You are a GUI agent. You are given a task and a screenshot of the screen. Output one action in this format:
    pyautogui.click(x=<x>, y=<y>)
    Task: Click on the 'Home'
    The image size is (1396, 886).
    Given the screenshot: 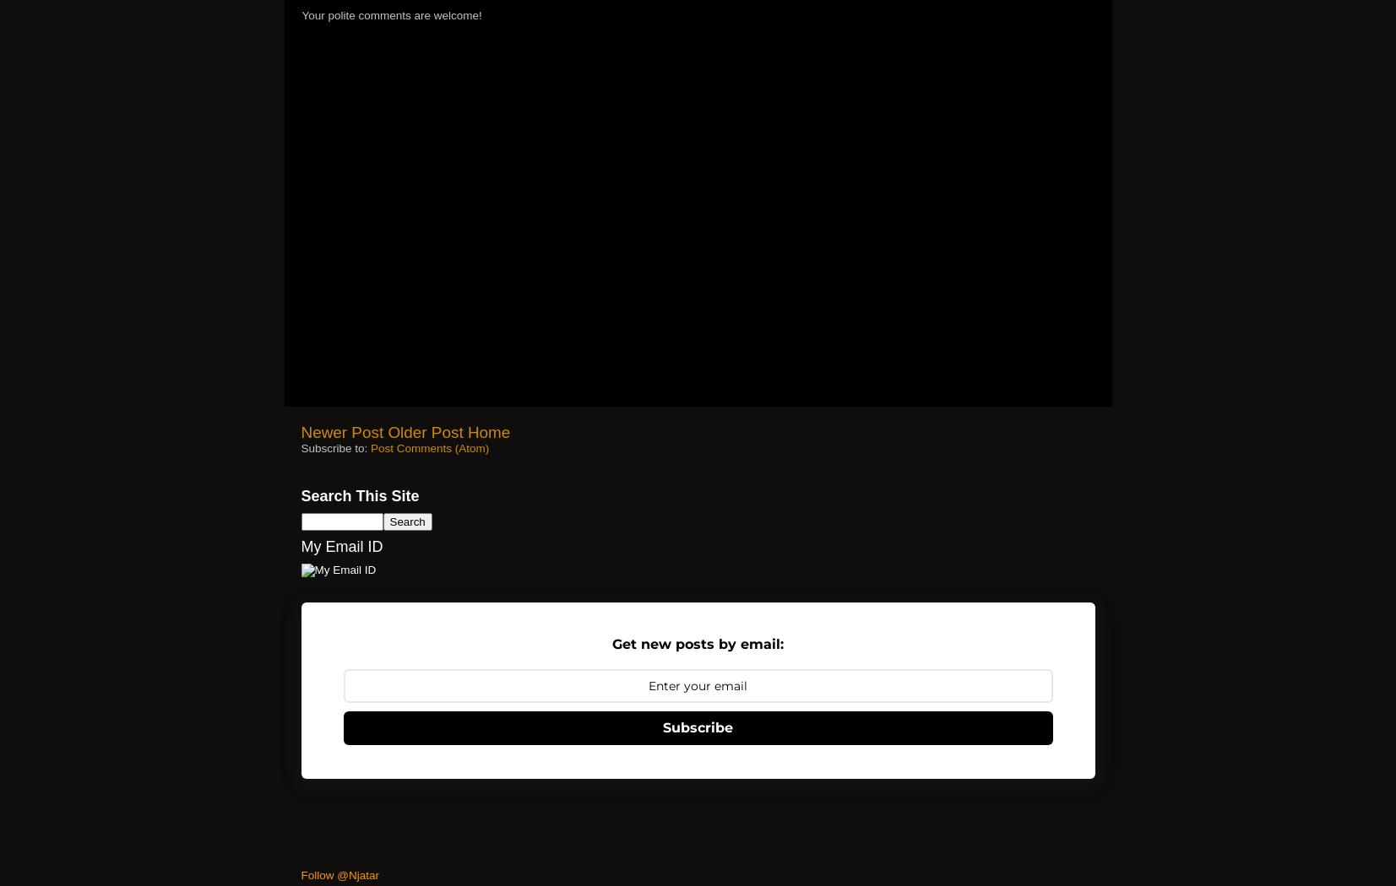 What is the action you would take?
    pyautogui.click(x=465, y=431)
    